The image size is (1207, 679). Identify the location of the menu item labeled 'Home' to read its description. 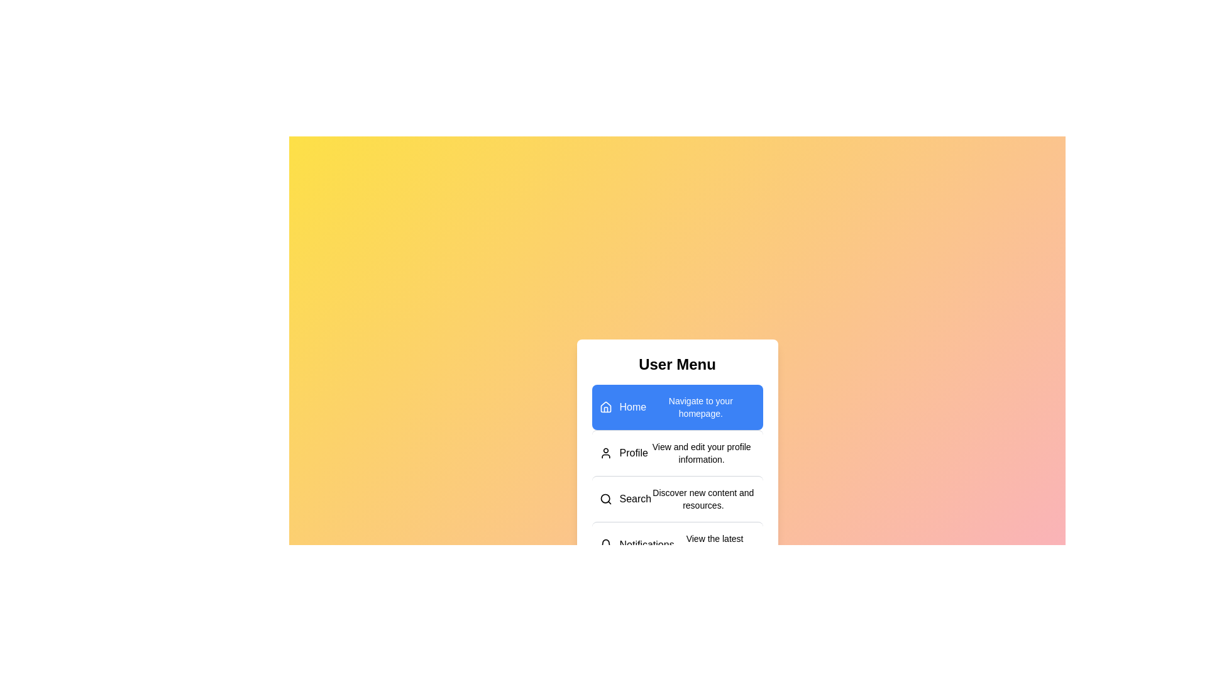
(676, 407).